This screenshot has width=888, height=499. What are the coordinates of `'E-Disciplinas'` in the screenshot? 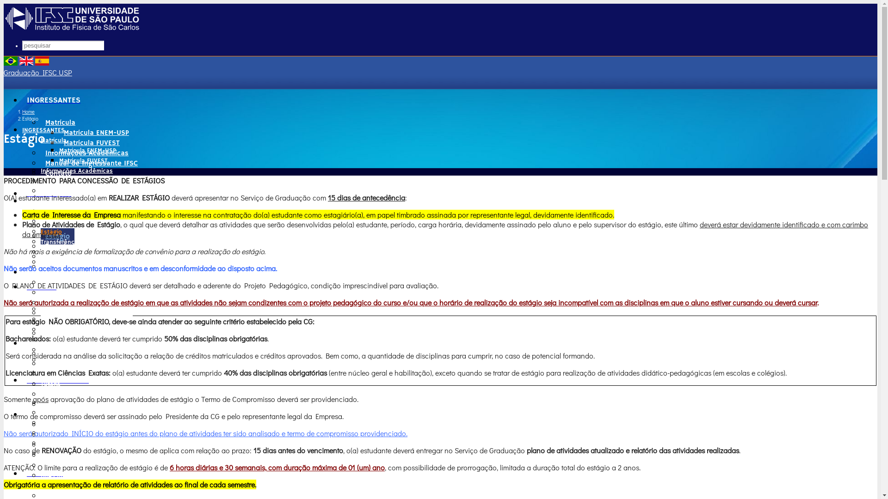 It's located at (66, 402).